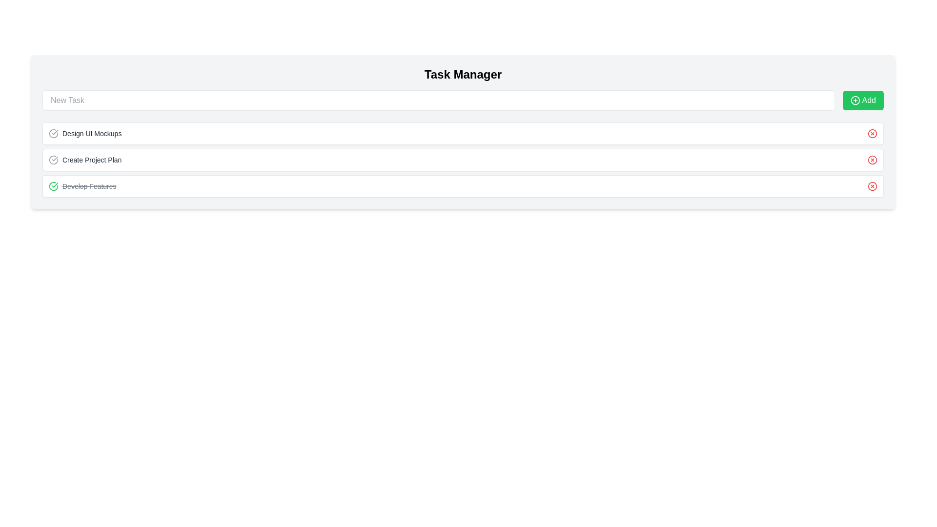  What do you see at coordinates (855, 100) in the screenshot?
I see `the Button Icon located within the green 'Add' button on the right end of the input field for creating tasks` at bounding box center [855, 100].